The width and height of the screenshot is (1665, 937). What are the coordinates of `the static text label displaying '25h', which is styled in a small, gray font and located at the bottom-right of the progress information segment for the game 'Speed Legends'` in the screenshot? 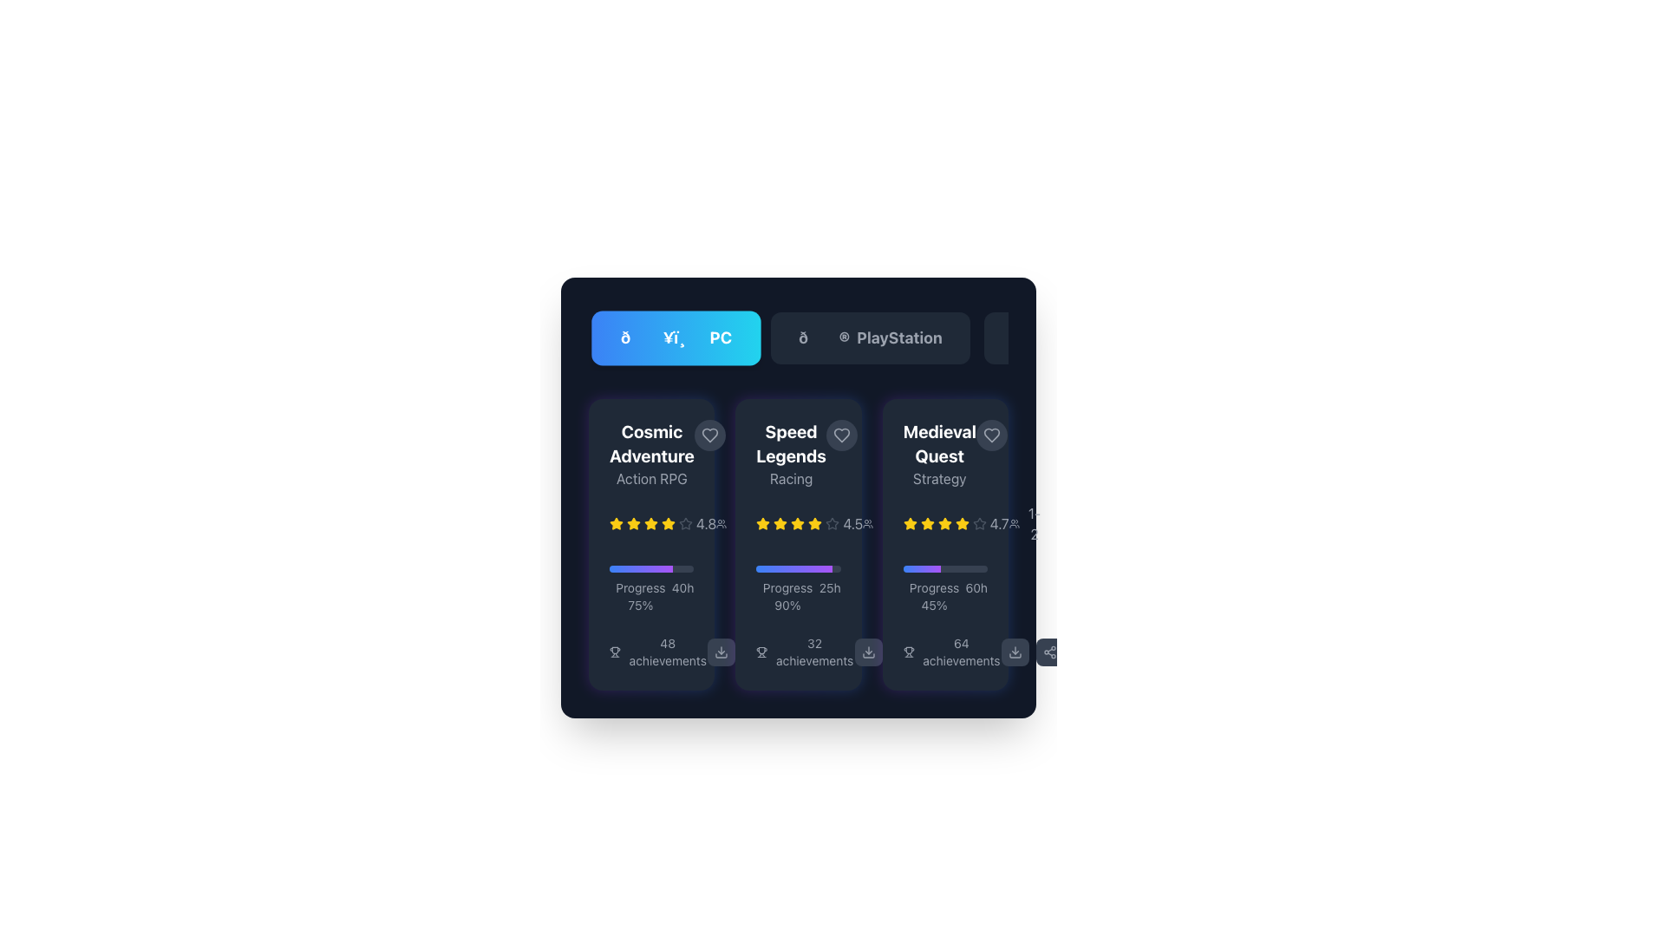 It's located at (829, 595).